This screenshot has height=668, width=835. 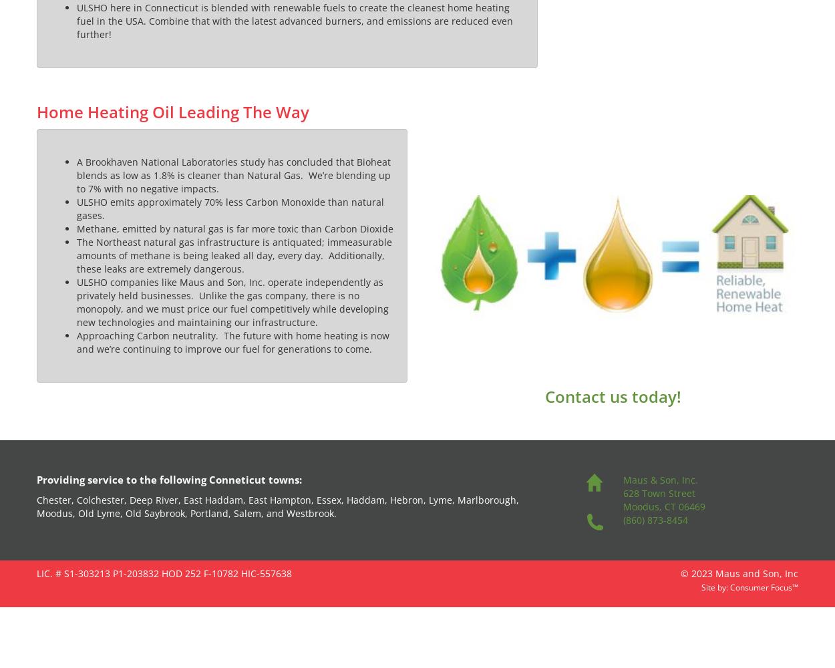 What do you see at coordinates (234, 255) in the screenshot?
I see `'The Northeast natural gas infrastructure is antiquated; immeasurable amounts of methane is being leaked all day, every day.  Additionally, these leaks are extremely dangerous.'` at bounding box center [234, 255].